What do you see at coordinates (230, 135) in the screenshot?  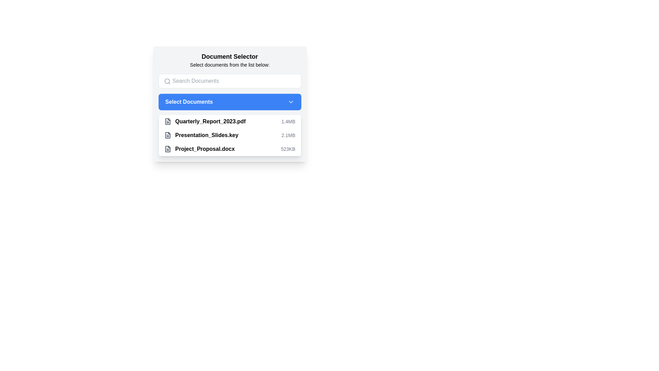 I see `the list item displaying the filename 'Presentation_Slides.key'` at bounding box center [230, 135].